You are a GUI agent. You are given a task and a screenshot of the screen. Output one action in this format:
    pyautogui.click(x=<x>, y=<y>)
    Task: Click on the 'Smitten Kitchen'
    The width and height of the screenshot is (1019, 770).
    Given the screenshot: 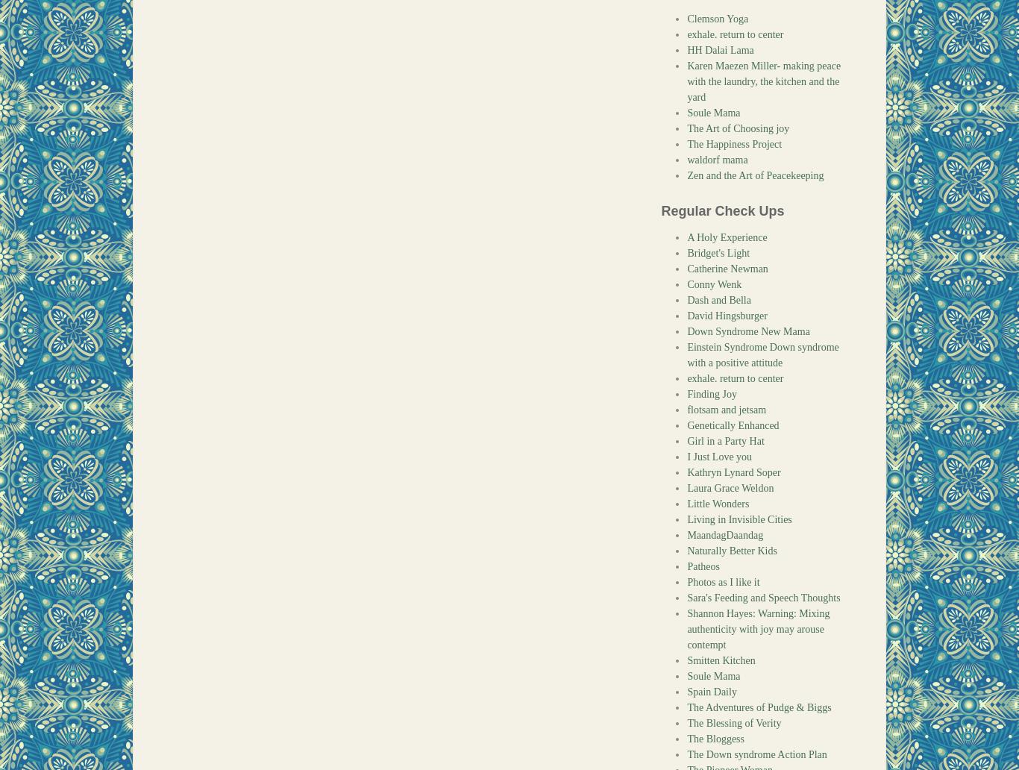 What is the action you would take?
    pyautogui.click(x=721, y=660)
    